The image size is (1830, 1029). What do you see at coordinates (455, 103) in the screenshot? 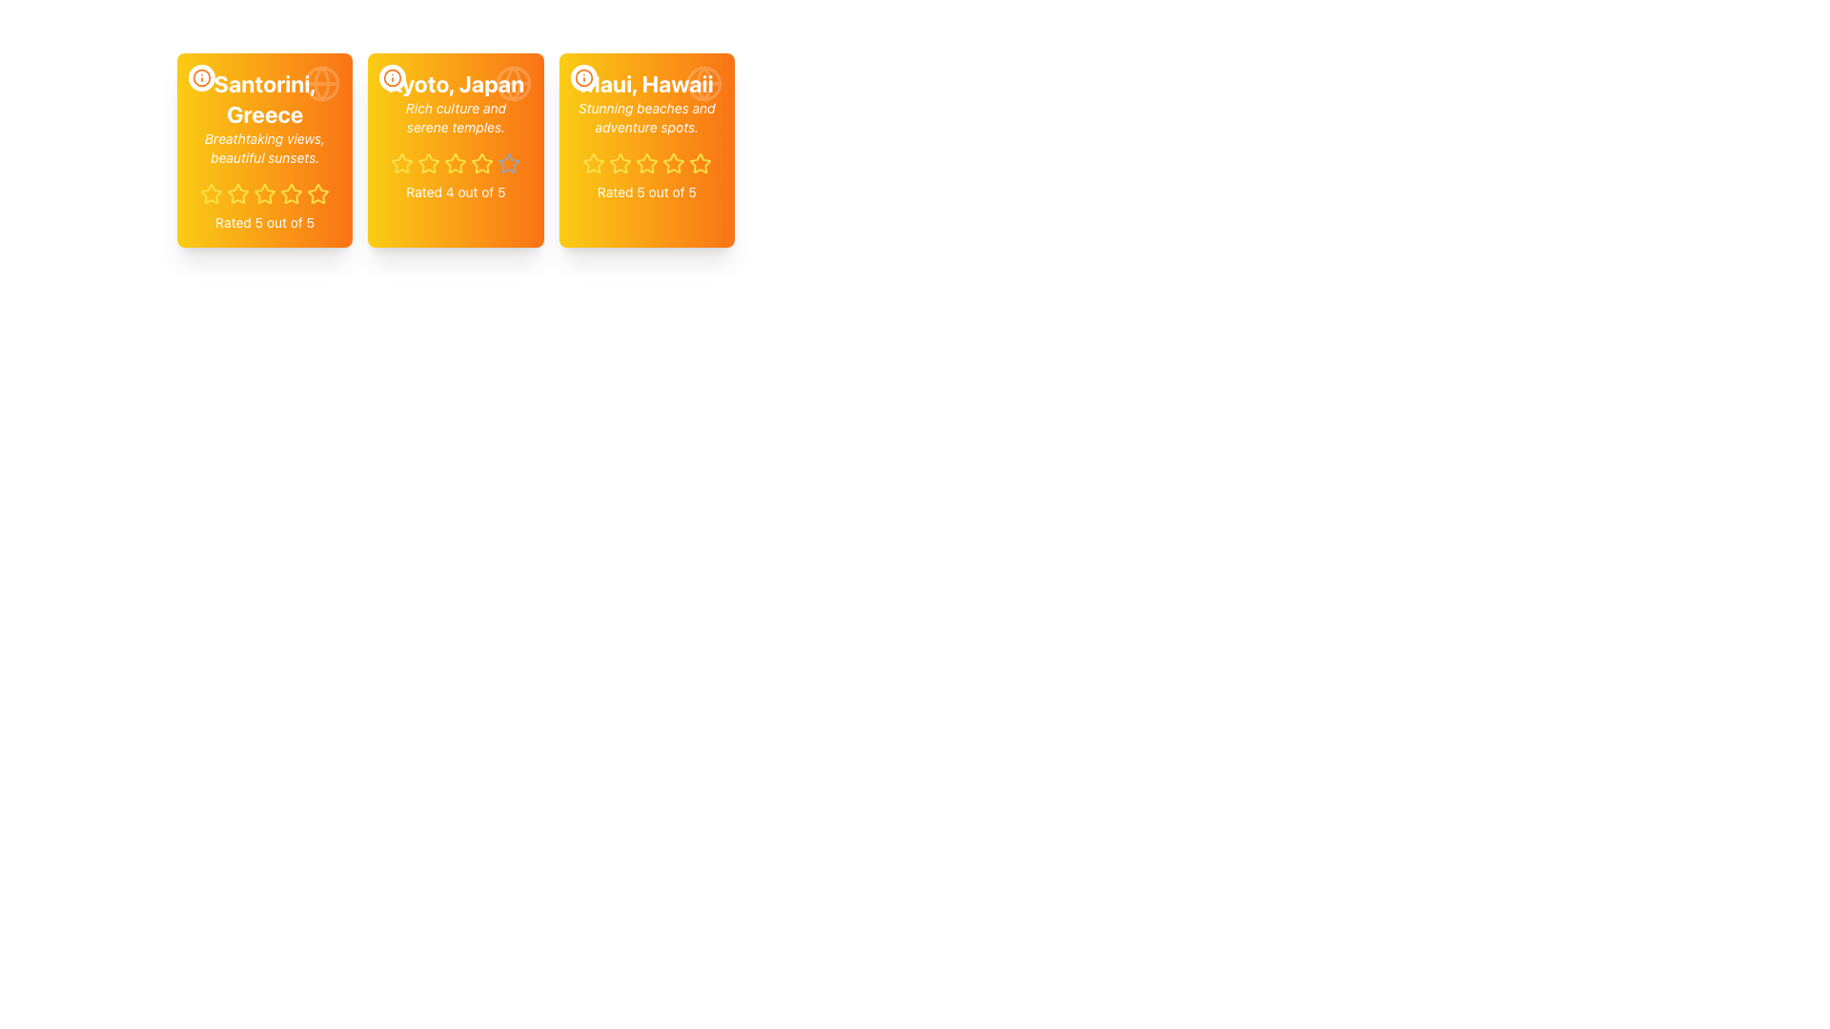
I see `text block titled 'Kyoto, Japan' which contains the subtitle 'Rich culture and serene temples.' located at the top-left section of the card` at bounding box center [455, 103].